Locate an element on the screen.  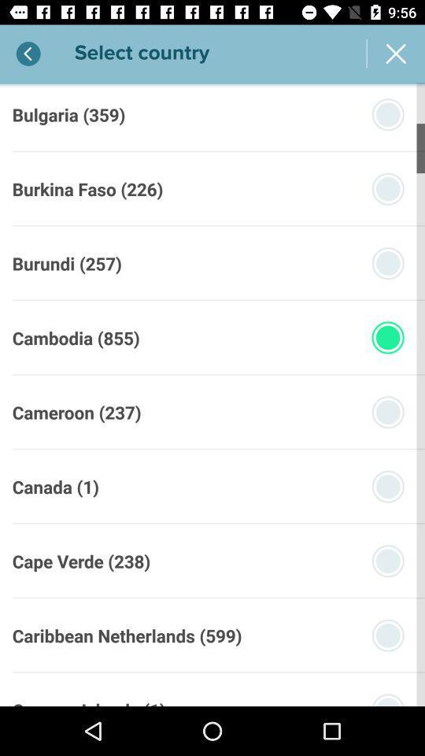
canada (1) icon is located at coordinates (54, 486).